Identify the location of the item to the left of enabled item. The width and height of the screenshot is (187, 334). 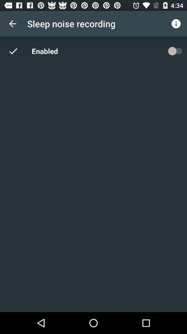
(17, 50).